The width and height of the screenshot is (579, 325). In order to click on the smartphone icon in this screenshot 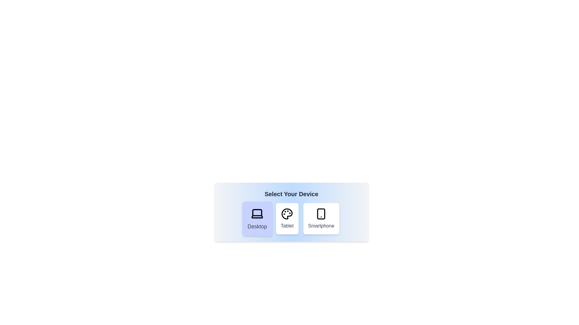, I will do `click(321, 213)`.